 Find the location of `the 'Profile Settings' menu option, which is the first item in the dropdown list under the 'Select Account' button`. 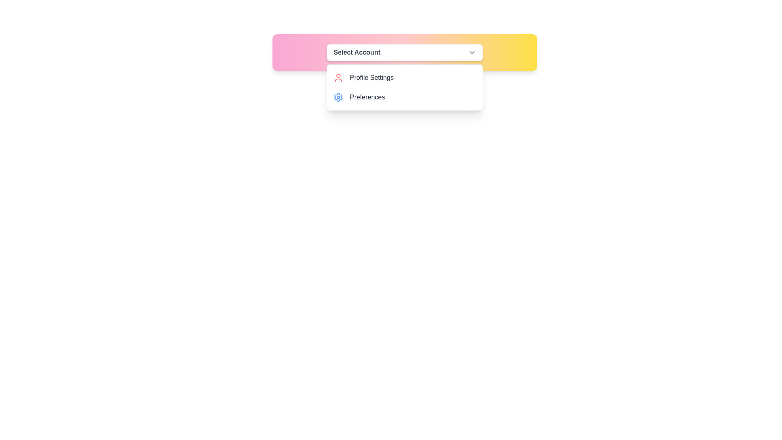

the 'Profile Settings' menu option, which is the first item in the dropdown list under the 'Select Account' button is located at coordinates (404, 78).